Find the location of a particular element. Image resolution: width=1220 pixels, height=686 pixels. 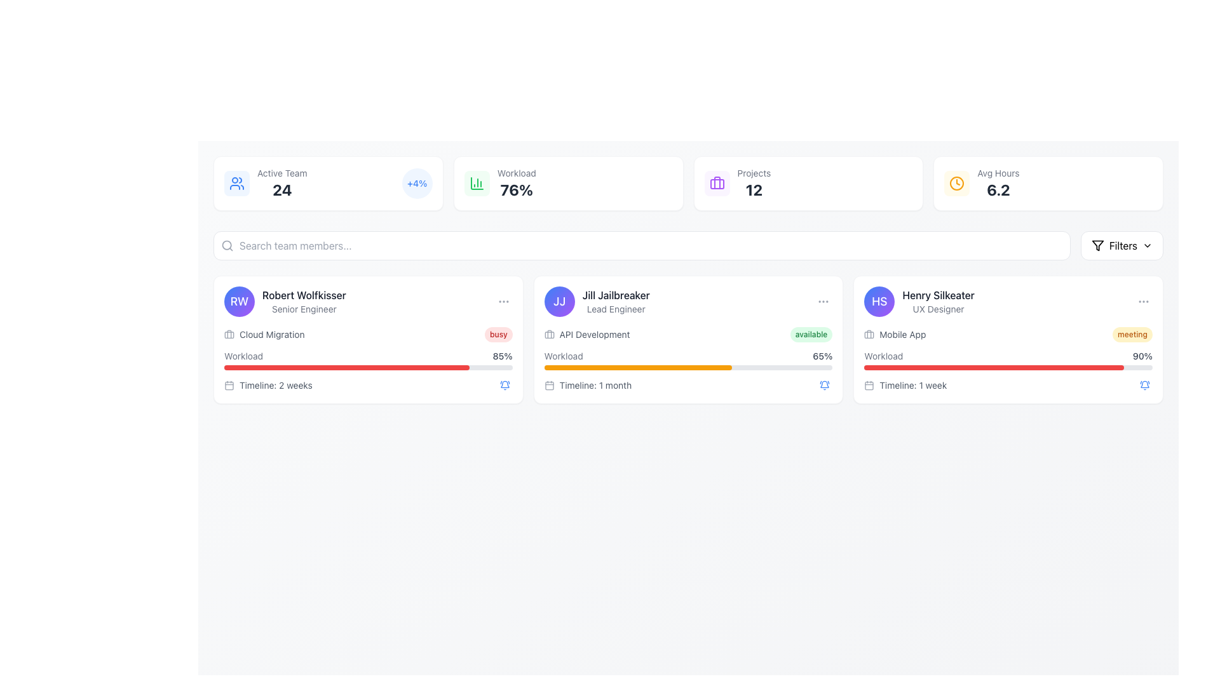

the graphical icon (profile avatar) representing user 'Henry Silkeater', located in the top-left corner of the user information group is located at coordinates (879, 301).